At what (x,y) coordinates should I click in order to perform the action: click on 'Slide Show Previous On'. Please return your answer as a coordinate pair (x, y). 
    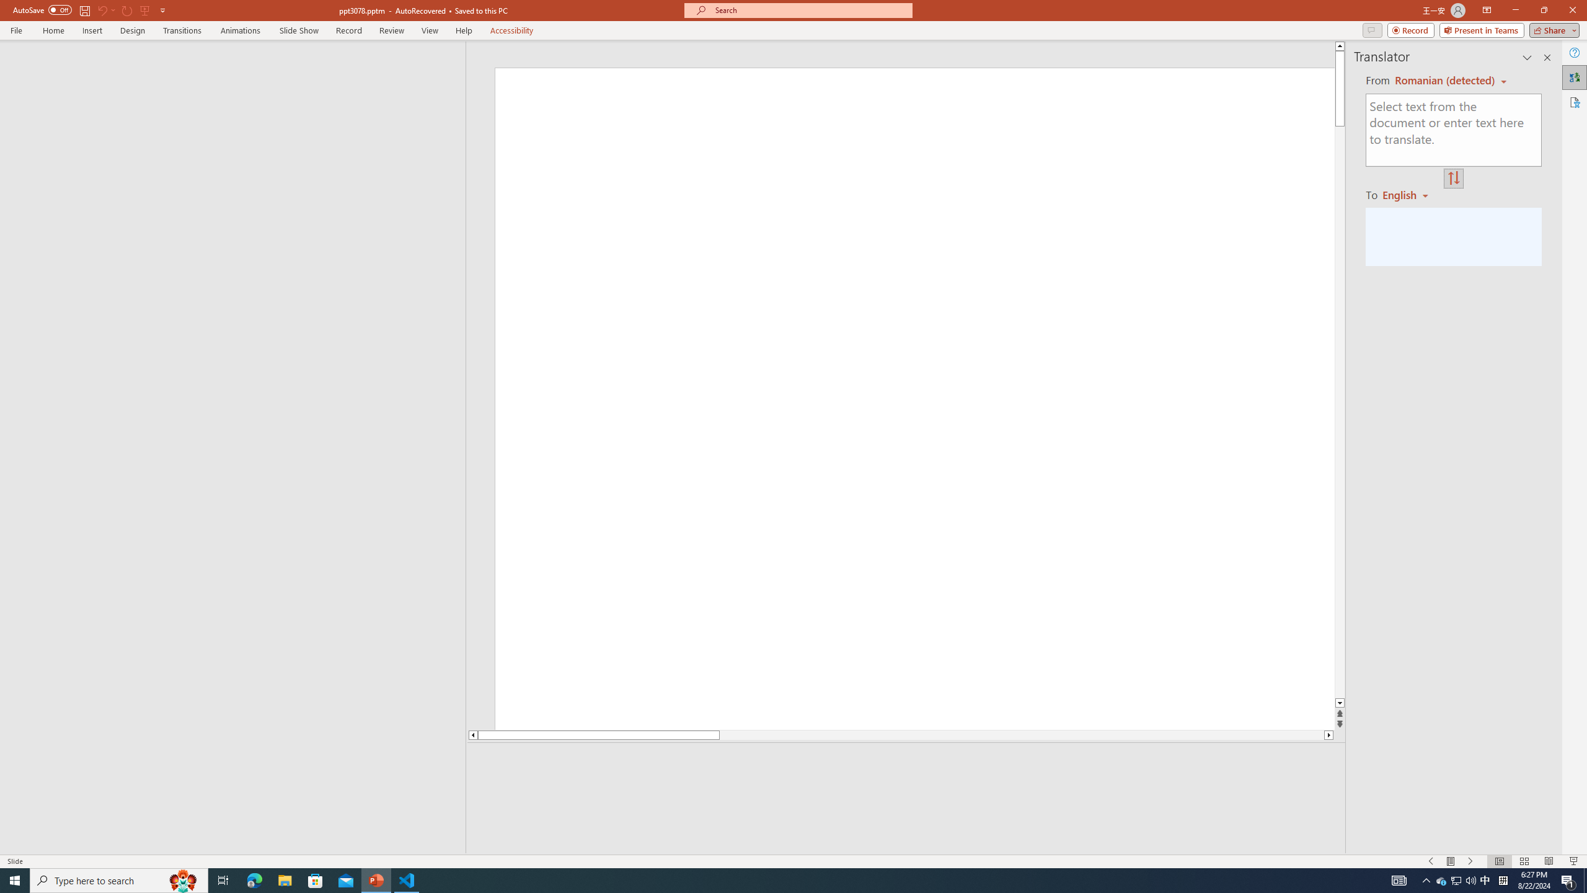
    Looking at the image, I should click on (1431, 861).